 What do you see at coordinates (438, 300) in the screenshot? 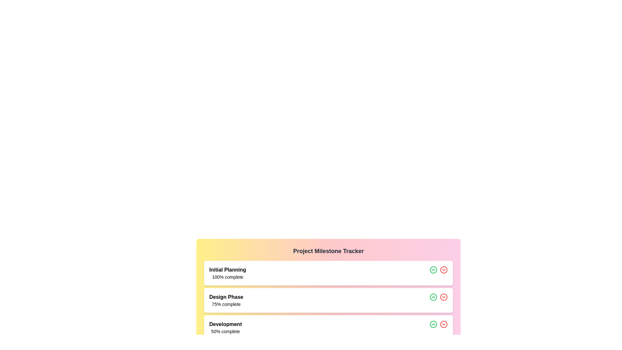
I see `the Dual-icon interactive component consisting of a green upward-pointing arrow and a red downward-pointing arrow located in the 'Design Phase' section of the milestone tracker interface` at bounding box center [438, 300].